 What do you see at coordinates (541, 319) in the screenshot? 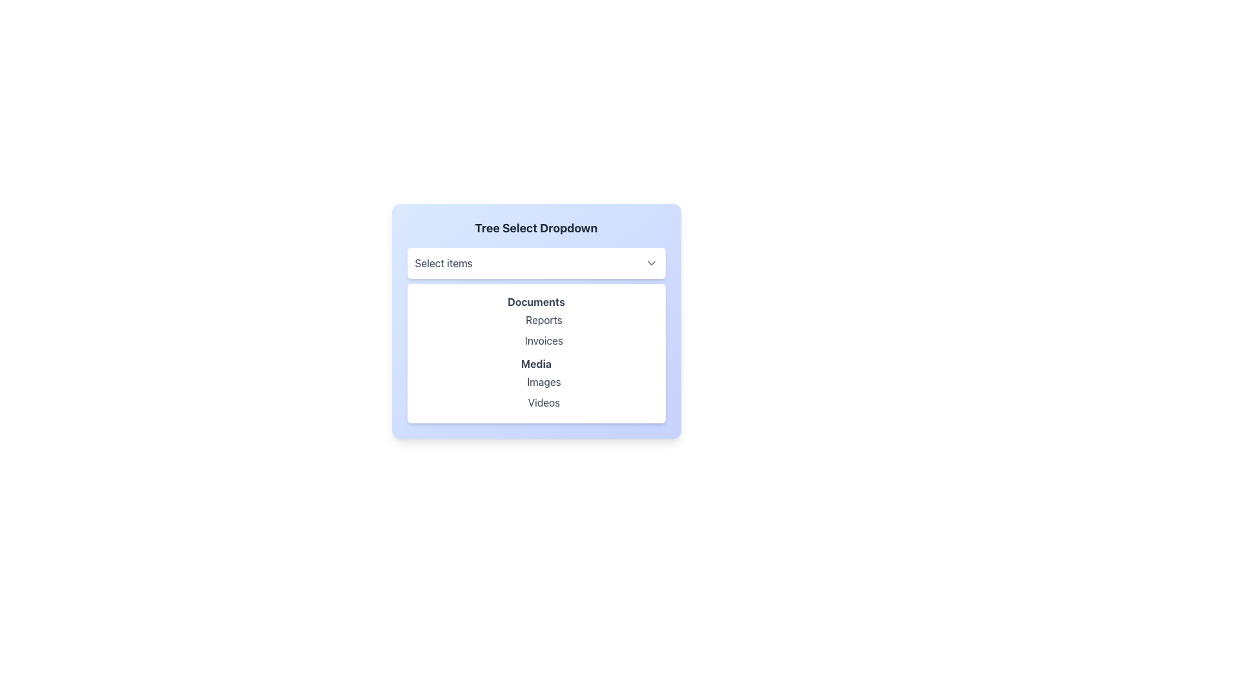
I see `the 'Reports' text label within the 'Documents' dropdown menu` at bounding box center [541, 319].